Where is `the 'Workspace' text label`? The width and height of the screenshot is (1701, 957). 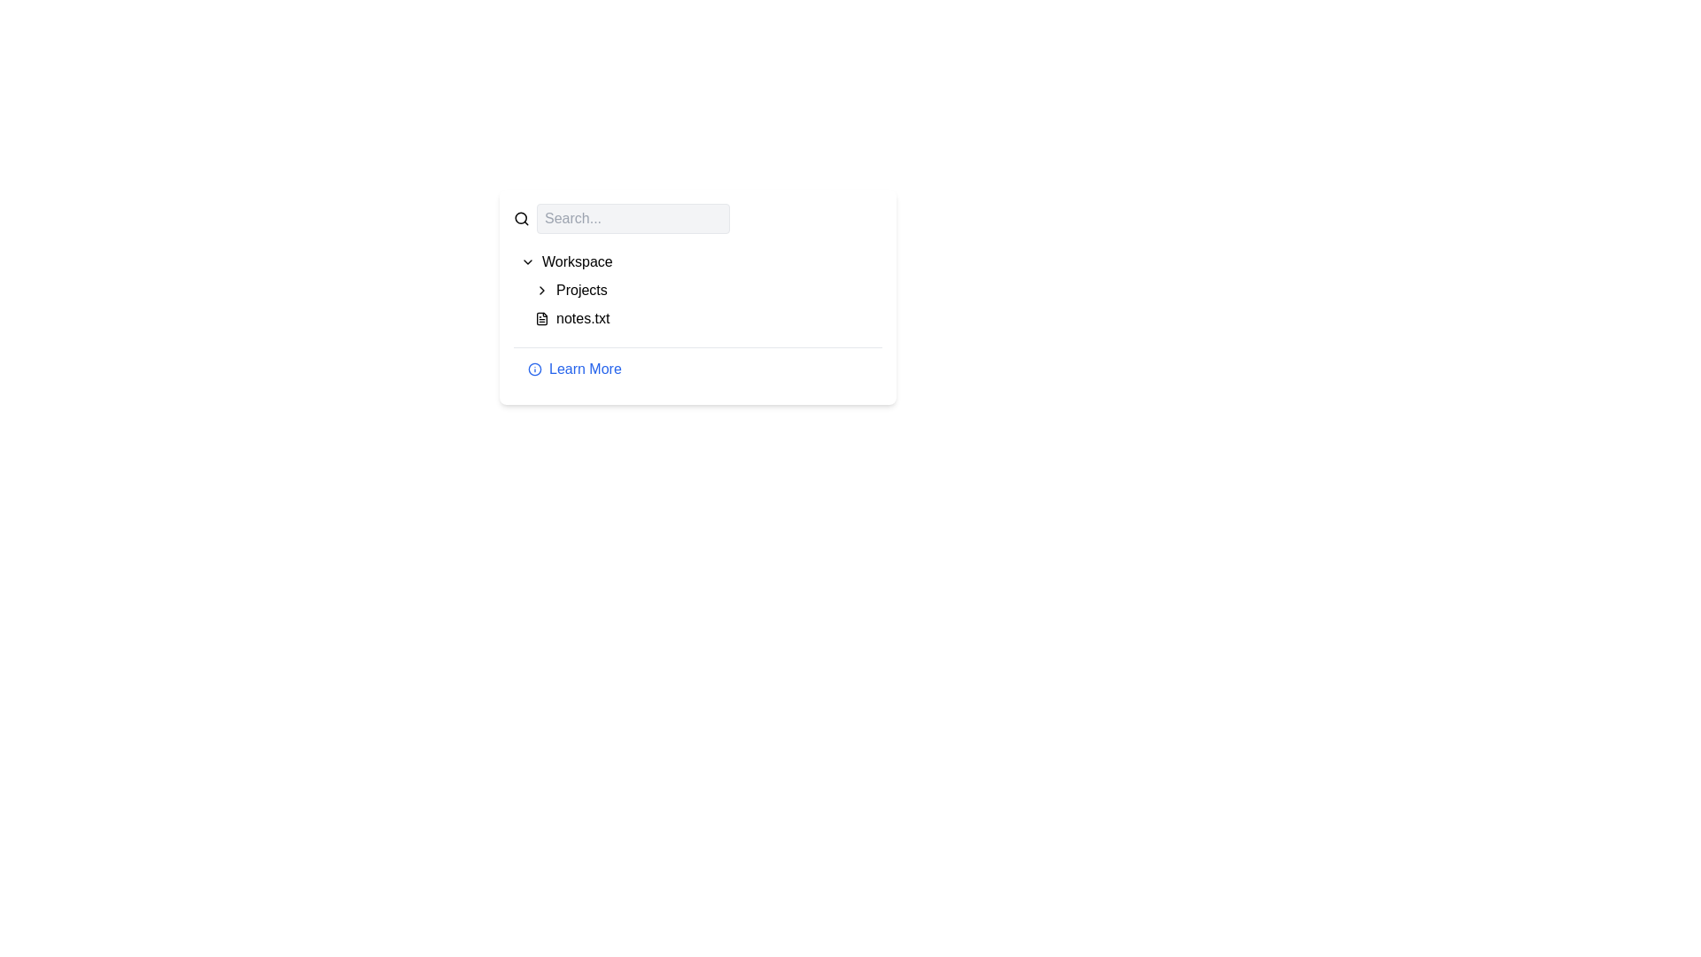 the 'Workspace' text label is located at coordinates (577, 262).